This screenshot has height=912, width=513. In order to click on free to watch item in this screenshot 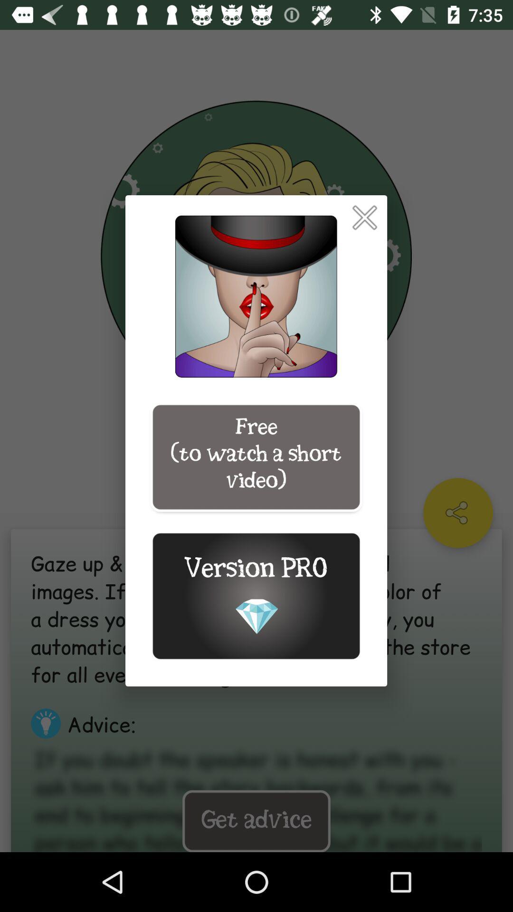, I will do `click(256, 457)`.